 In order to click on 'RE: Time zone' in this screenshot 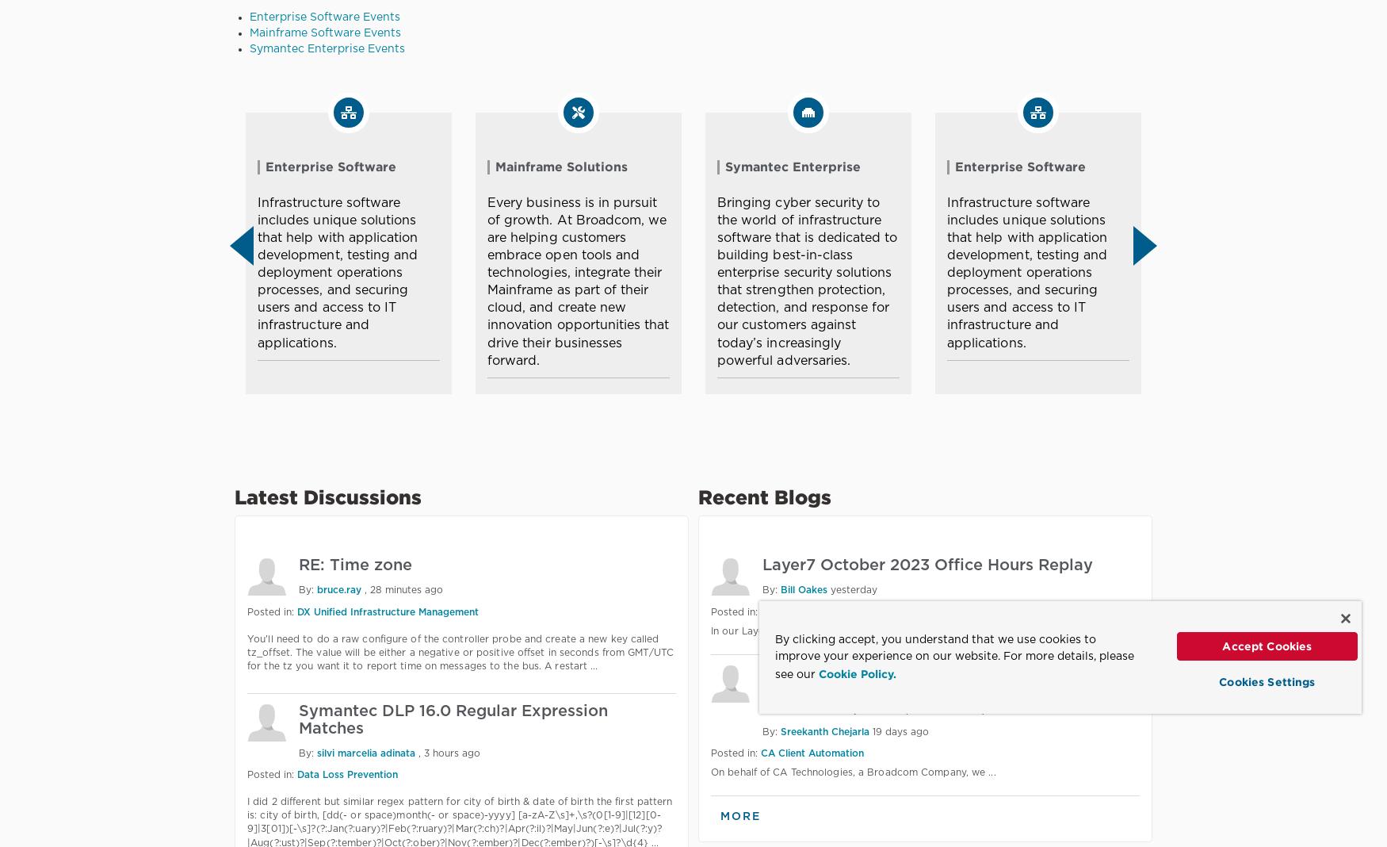, I will do `click(355, 565)`.